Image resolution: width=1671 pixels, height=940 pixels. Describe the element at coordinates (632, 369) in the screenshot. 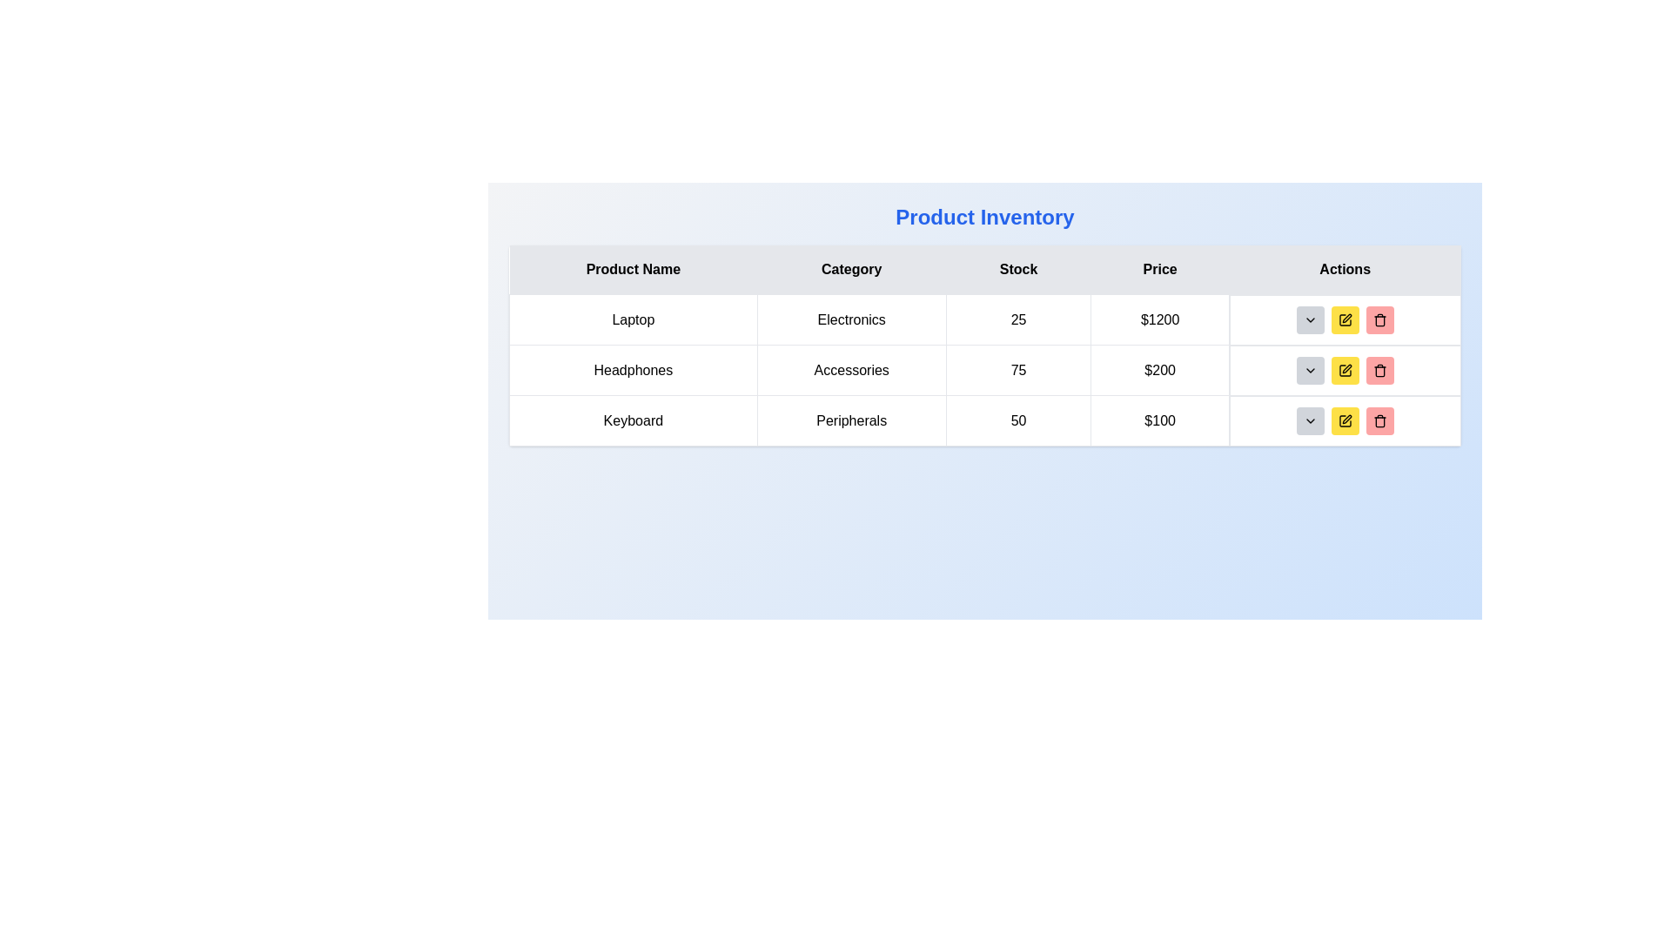

I see `text content of the product name label located in the second row under the 'Product Name' column of the table` at that location.